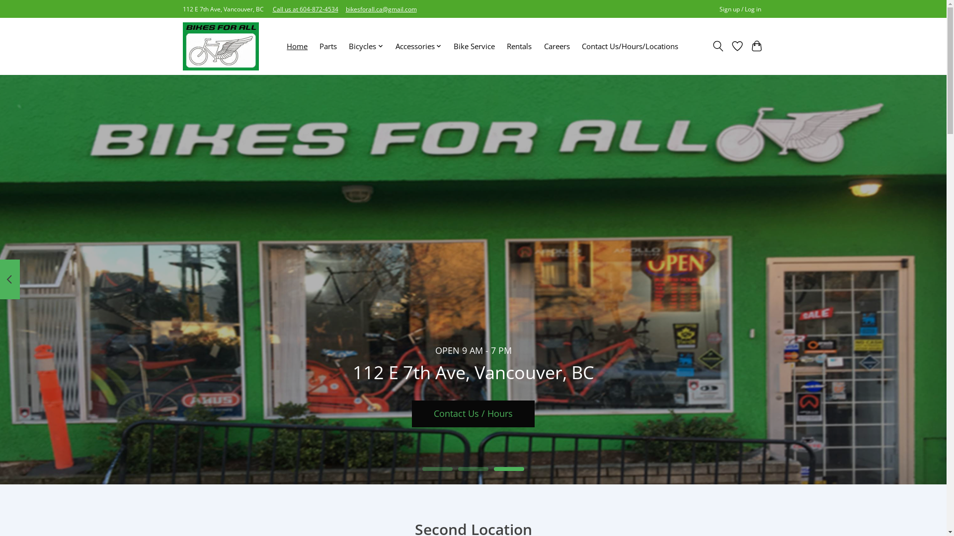  What do you see at coordinates (450, 46) in the screenshot?
I see `'Bike Service'` at bounding box center [450, 46].